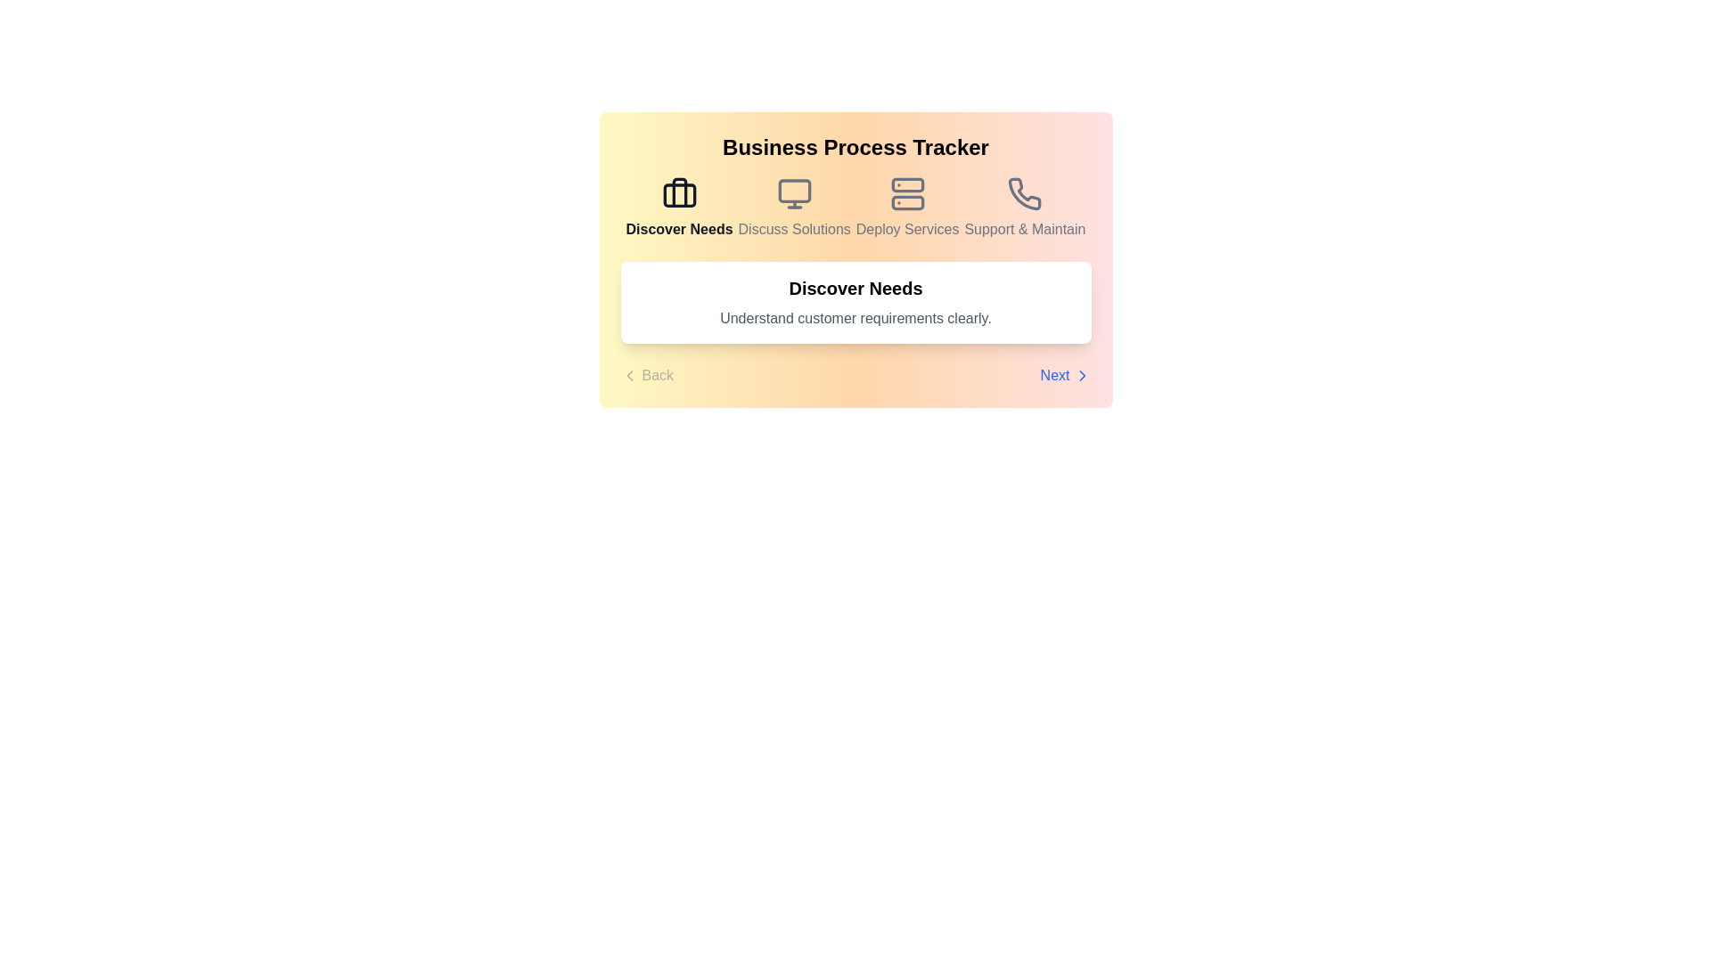  What do you see at coordinates (906, 208) in the screenshot?
I see `the step icon for Deploy Services` at bounding box center [906, 208].